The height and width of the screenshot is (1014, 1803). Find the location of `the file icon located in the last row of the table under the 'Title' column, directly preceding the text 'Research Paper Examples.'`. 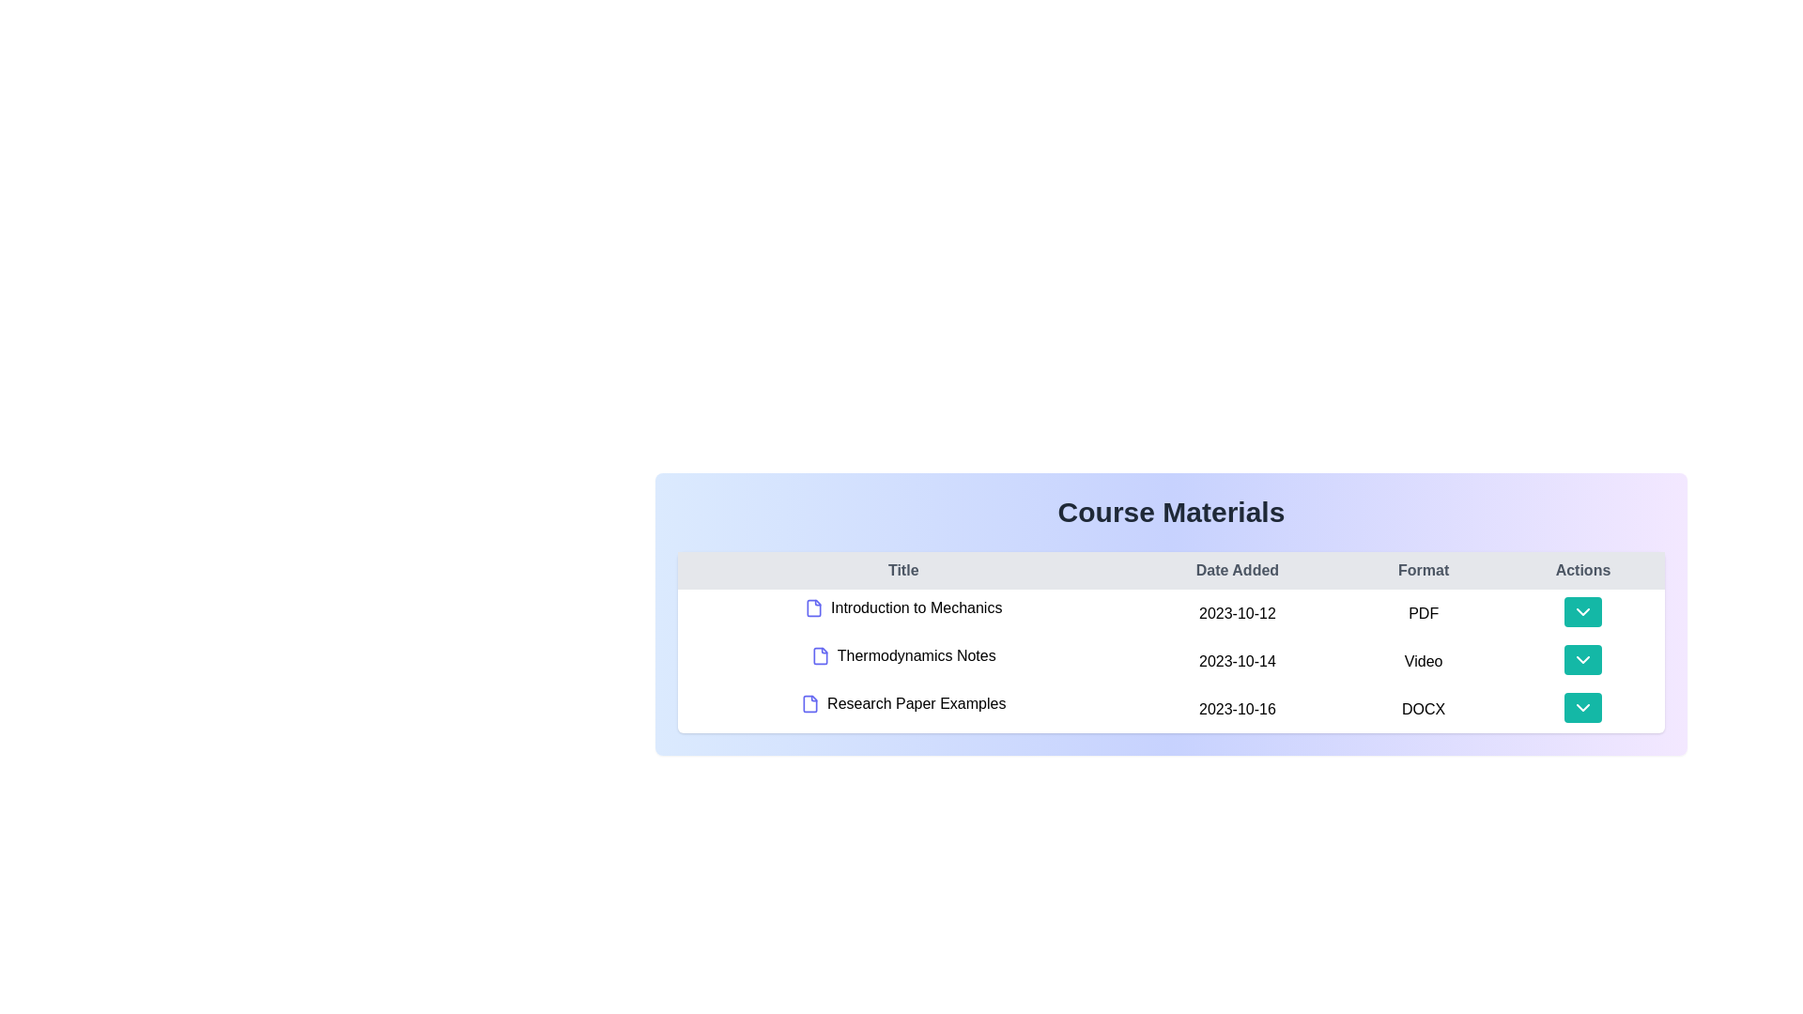

the file icon located in the last row of the table under the 'Title' column, directly preceding the text 'Research Paper Examples.' is located at coordinates (810, 703).